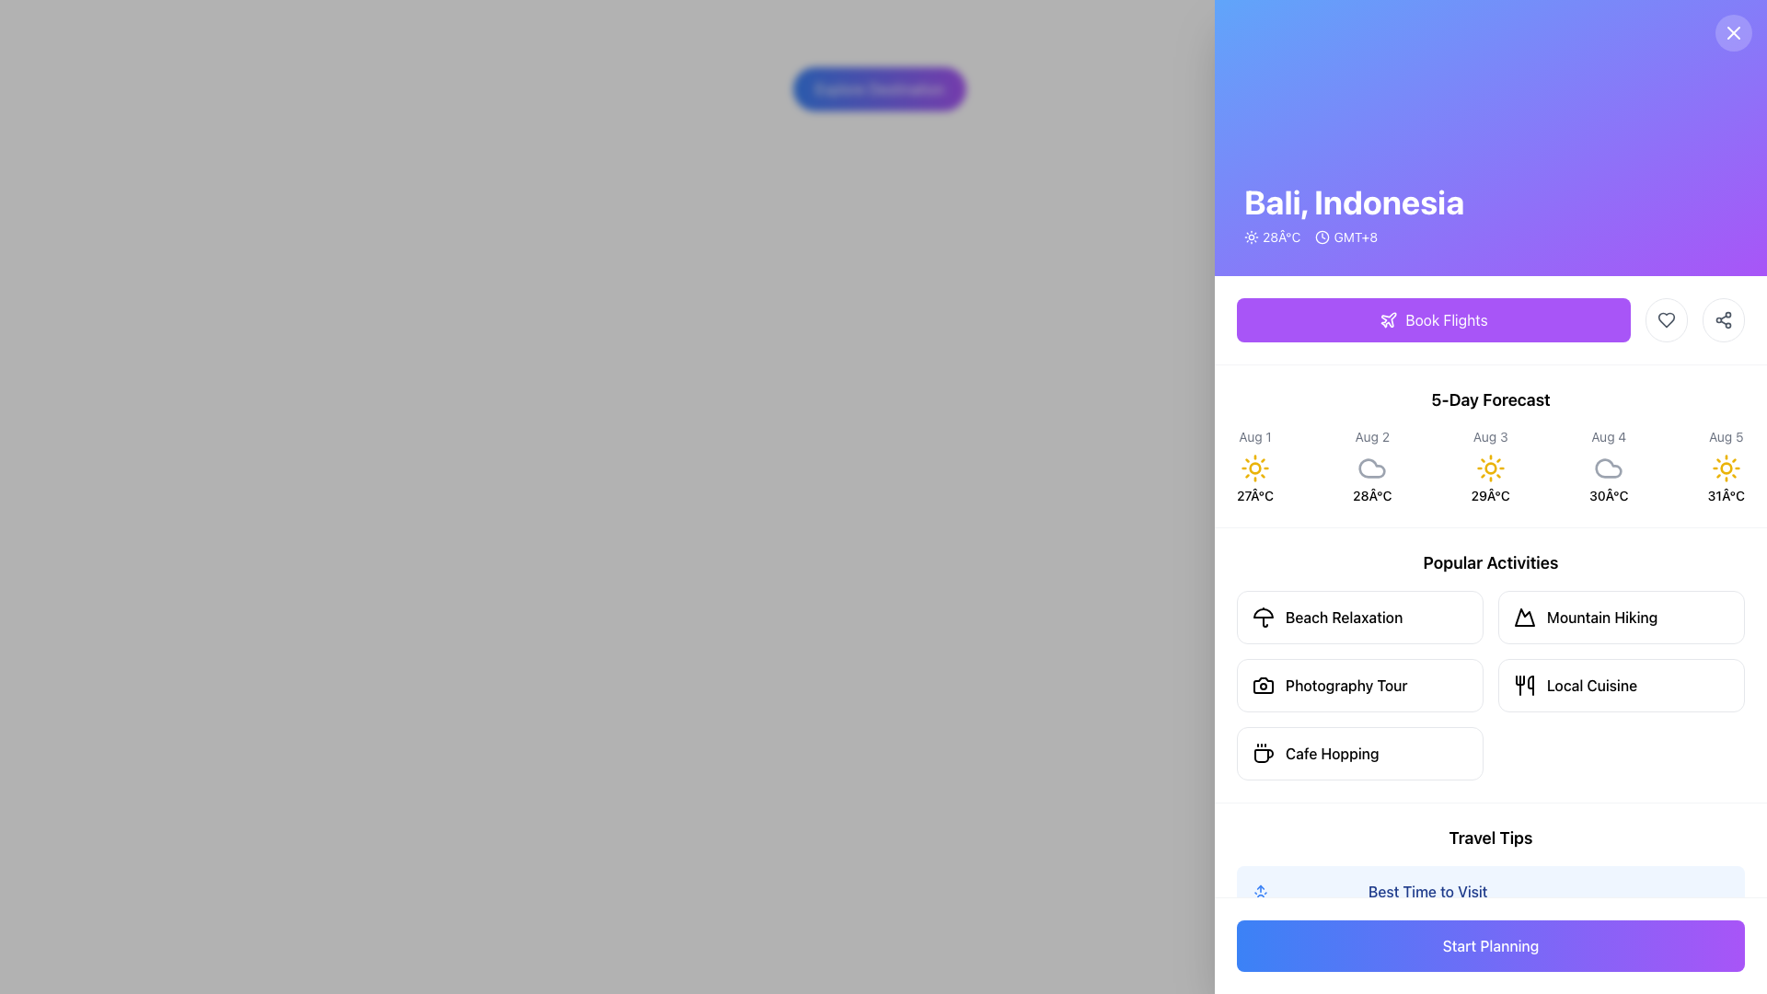  Describe the element at coordinates (1732, 32) in the screenshot. I see `the close button located in the top-right corner of the header, adjacent to the title 'Bali, Indonesia'` at that location.